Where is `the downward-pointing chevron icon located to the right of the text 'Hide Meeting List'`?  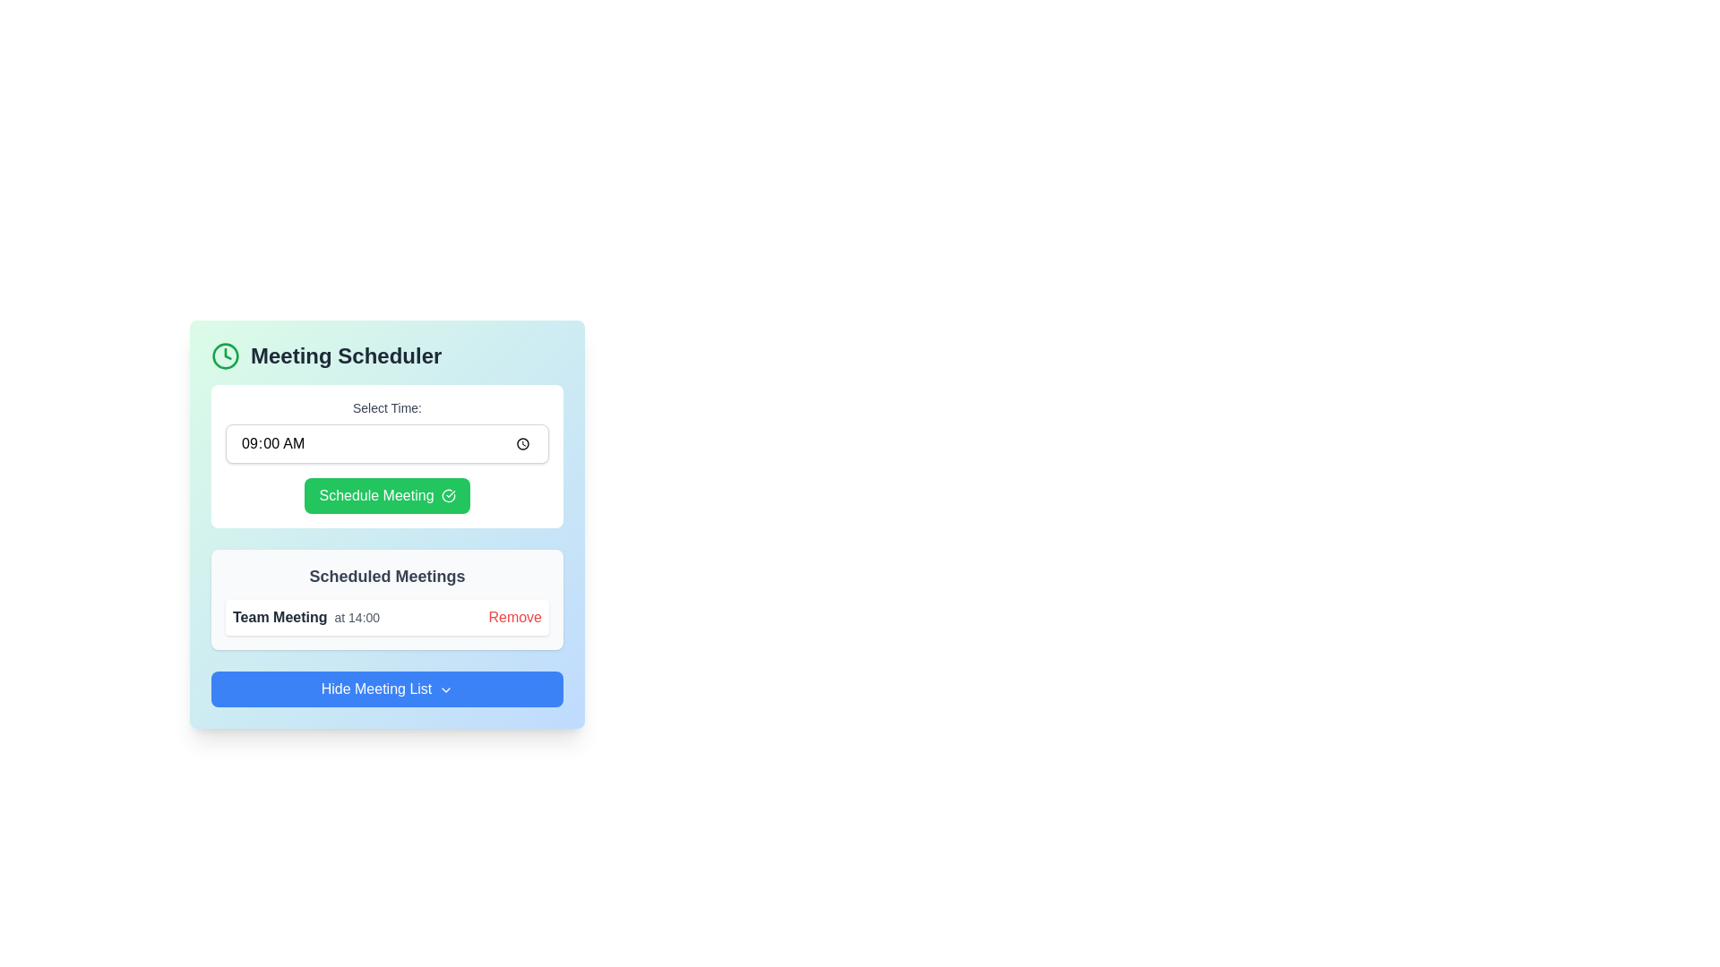 the downward-pointing chevron icon located to the right of the text 'Hide Meeting List' is located at coordinates (446, 689).